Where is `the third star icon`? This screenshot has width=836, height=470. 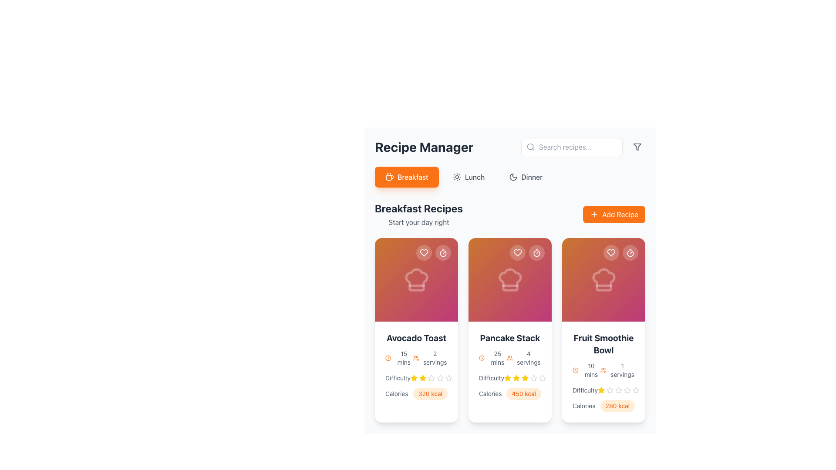
the third star icon is located at coordinates (431, 377).